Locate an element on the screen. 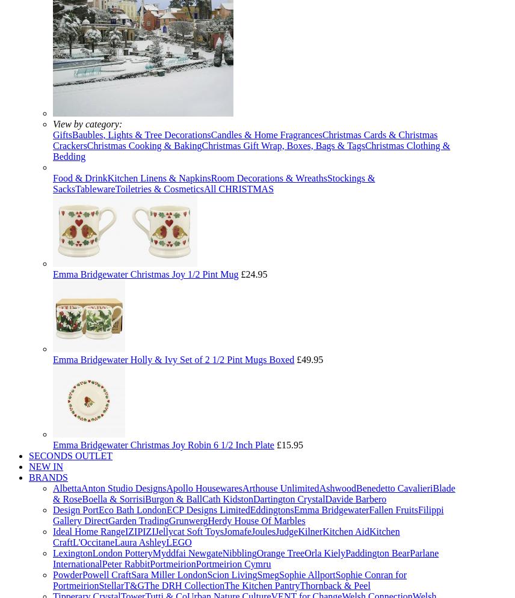 The image size is (515, 598). 'T&G' is located at coordinates (134, 585).